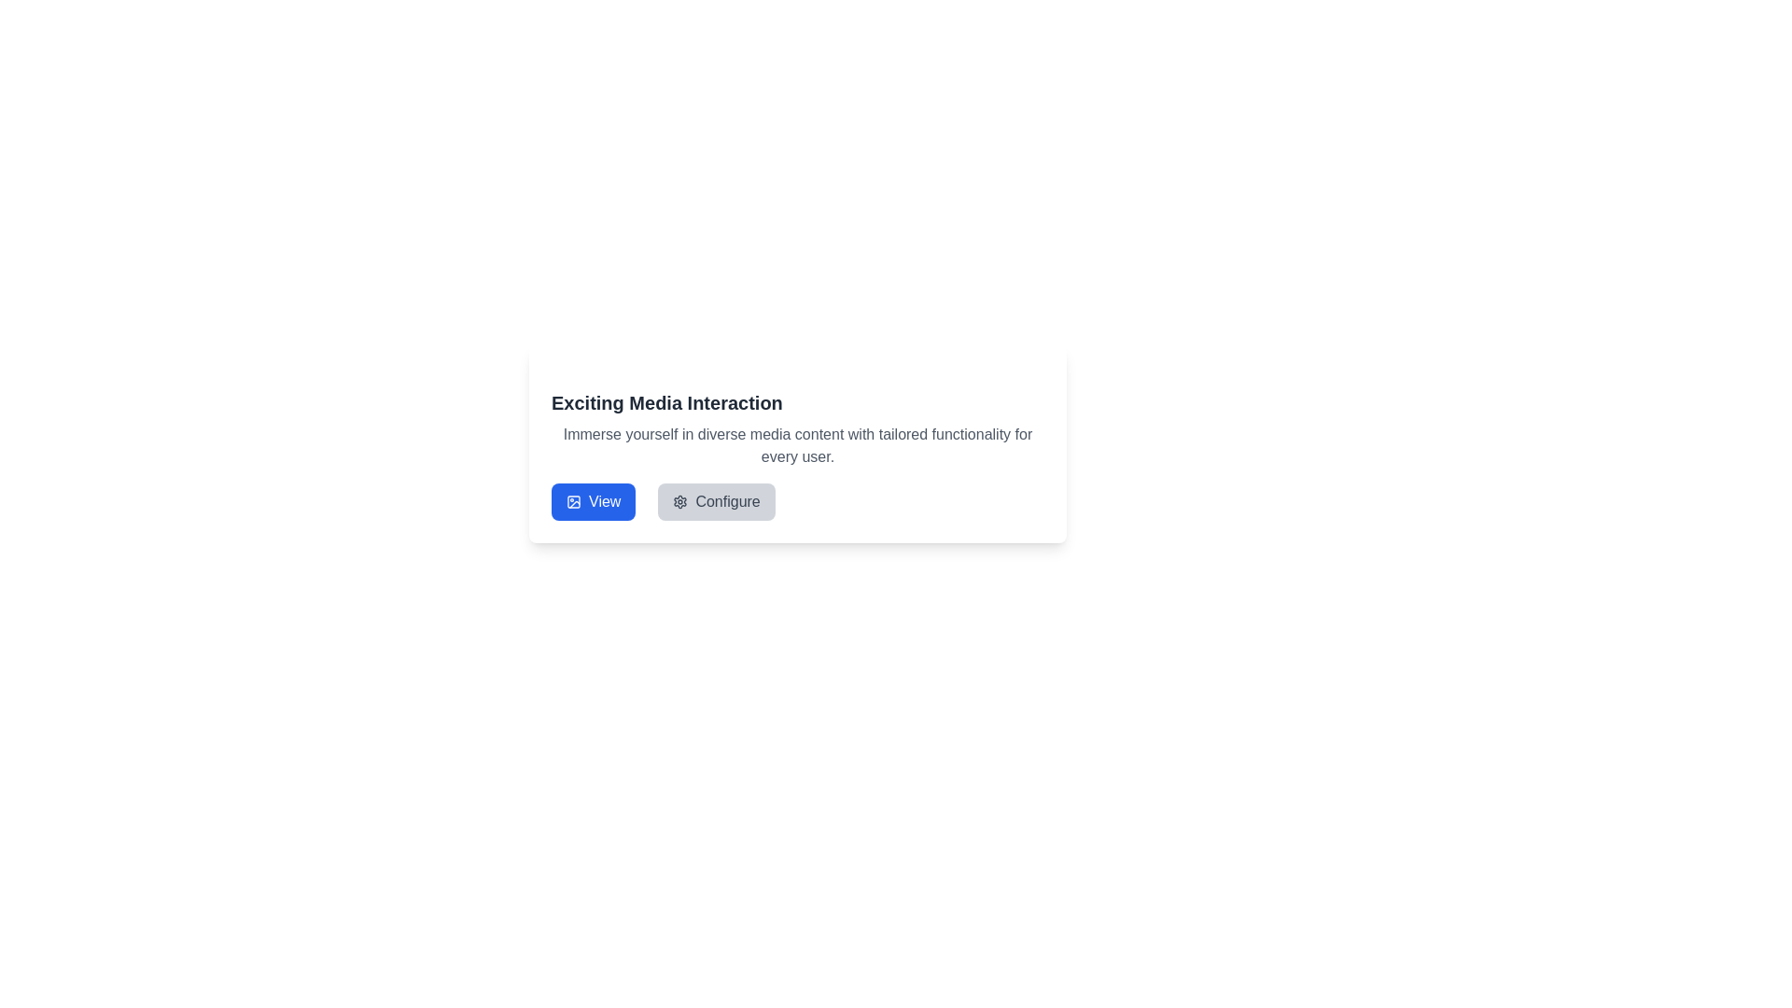  I want to click on the composite UI element consisting of two buttons ('View' on the left and 'Configure' on the right), so click(663, 500).